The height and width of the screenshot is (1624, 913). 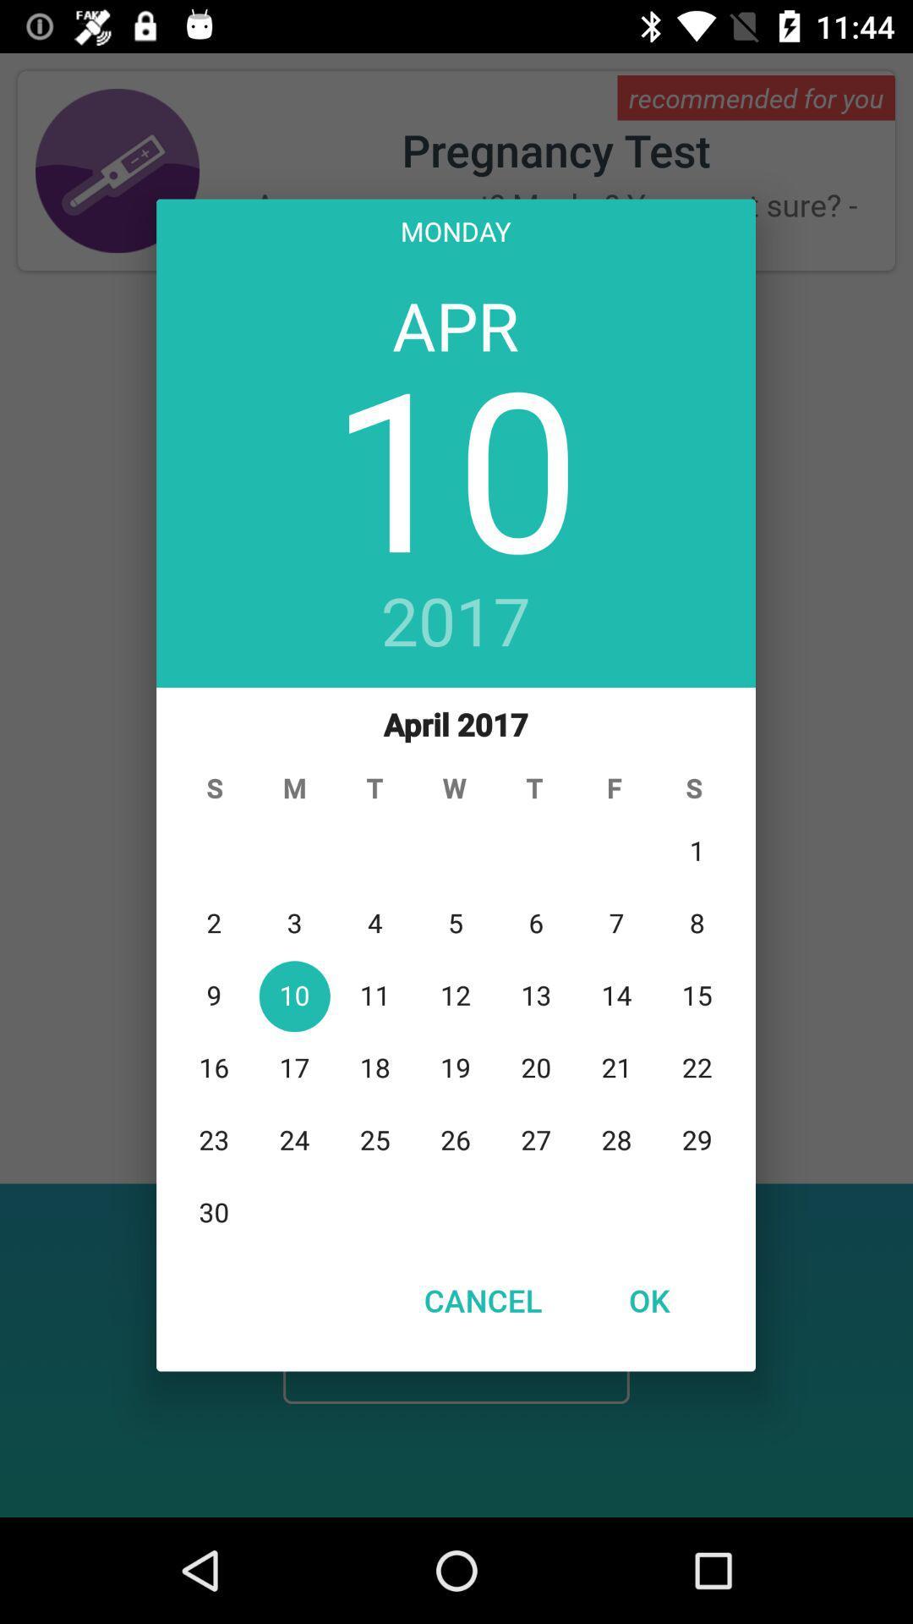 What do you see at coordinates (483, 1299) in the screenshot?
I see `the icon to the left of ok item` at bounding box center [483, 1299].